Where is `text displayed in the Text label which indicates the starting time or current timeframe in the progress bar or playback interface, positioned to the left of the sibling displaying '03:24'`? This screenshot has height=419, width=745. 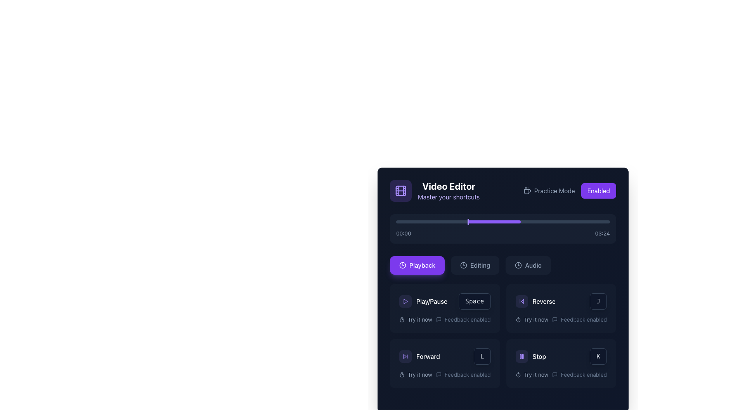
text displayed in the Text label which indicates the starting time or current timeframe in the progress bar or playback interface, positioned to the left of the sibling displaying '03:24' is located at coordinates (404, 233).